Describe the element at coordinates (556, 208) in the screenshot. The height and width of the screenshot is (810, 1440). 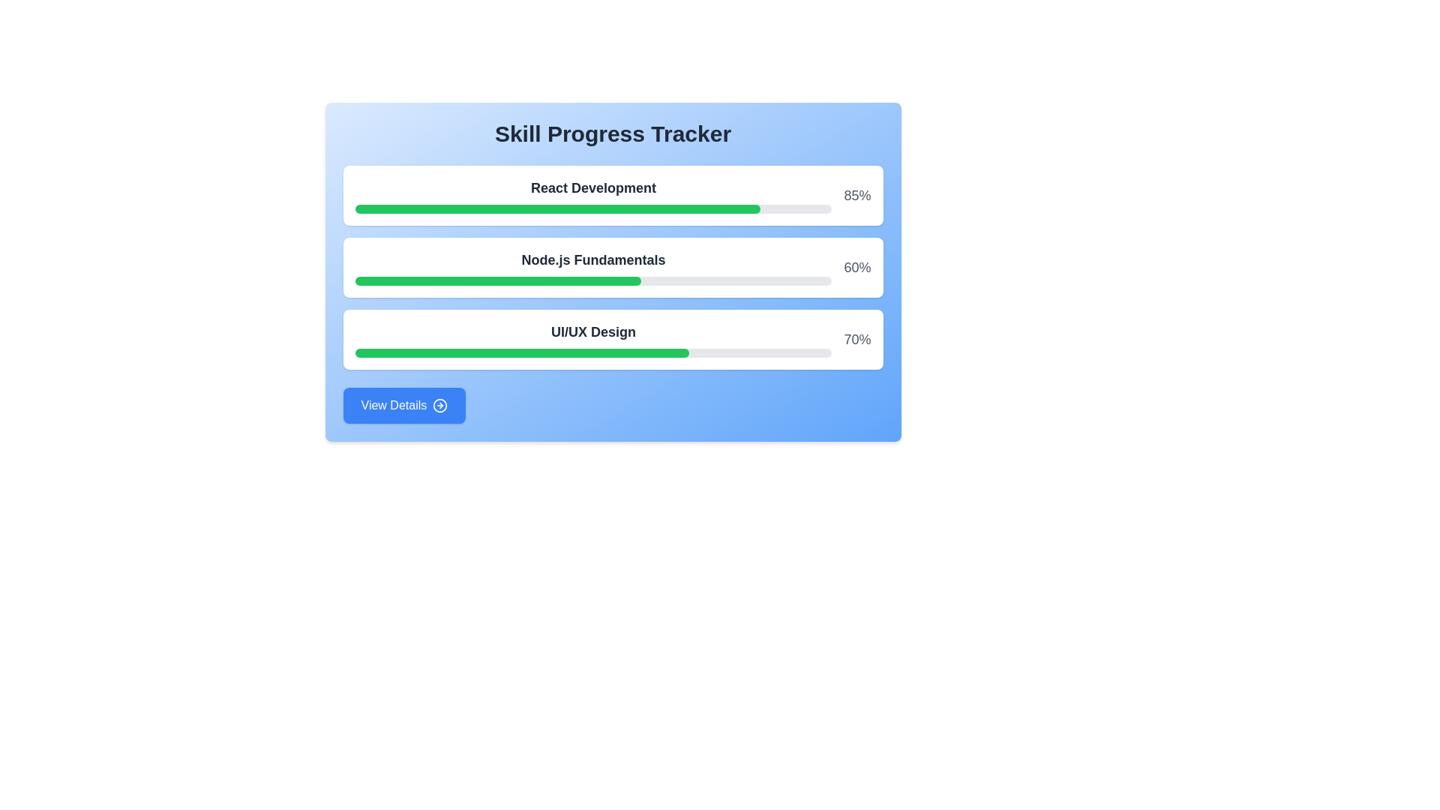
I see `the progress bar segment indicating 85% completion for the 'React Development' skill located under the 'React Development' text in the skill tracker interface` at that location.